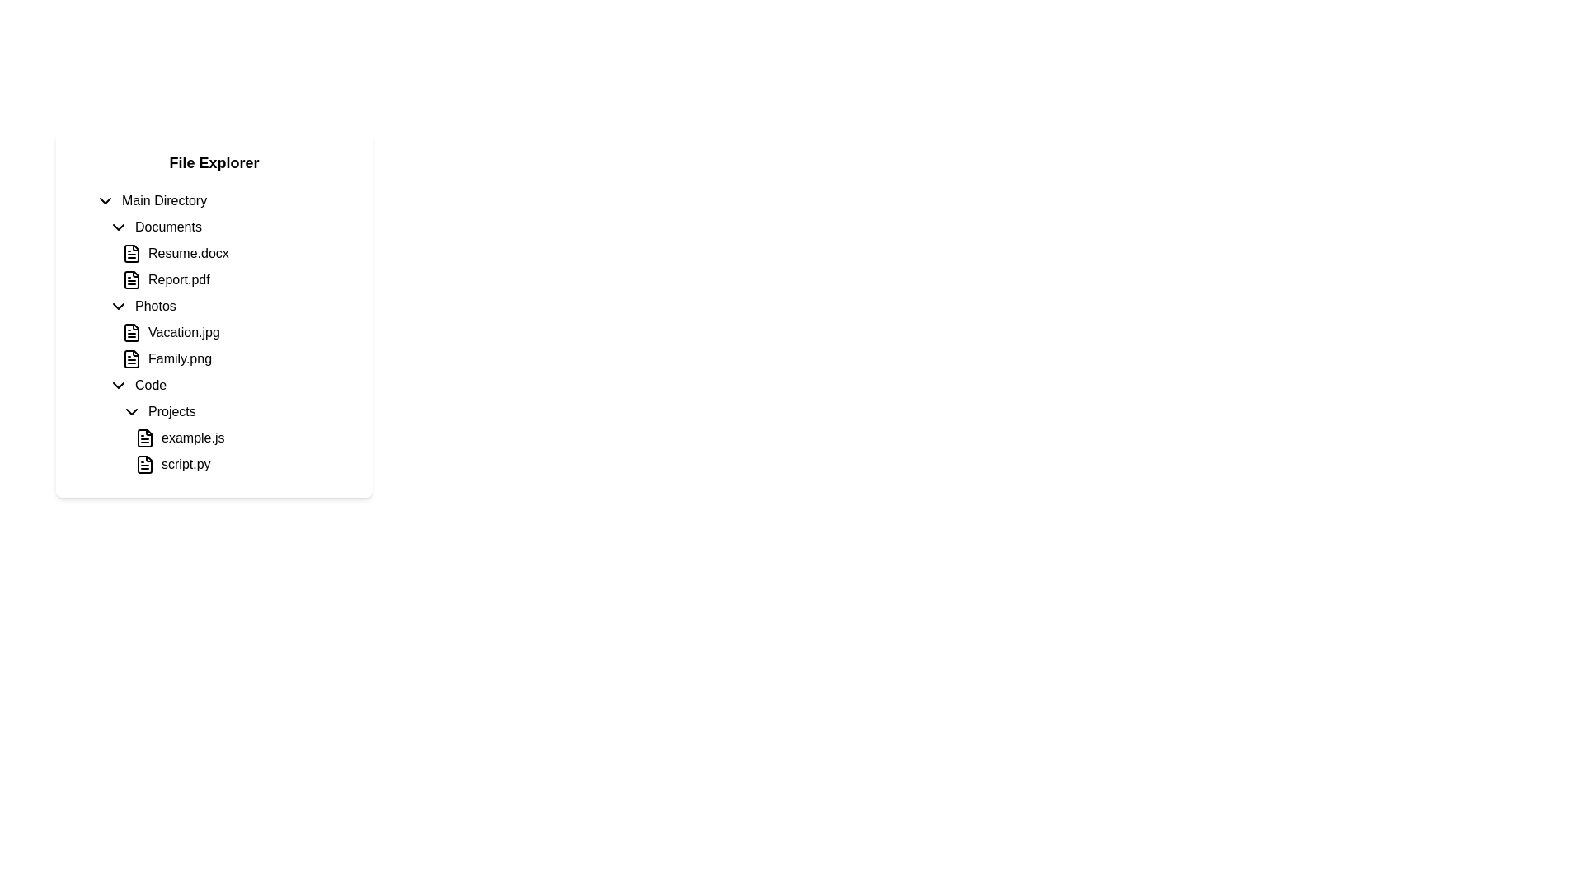 The image size is (1583, 890). I want to click on to select the file entry in the 'Documents' section of the file explorer UI, which lists 'Resume.docx' and 'Report.pdf', so click(220, 254).